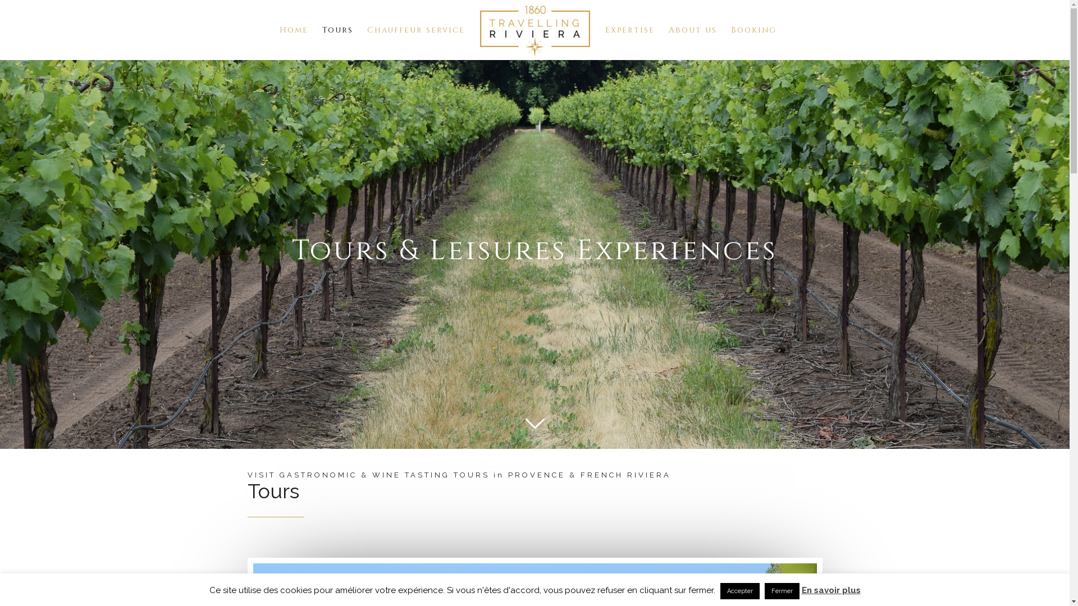 The width and height of the screenshot is (1078, 606). I want to click on 'Fermer', so click(781, 590).